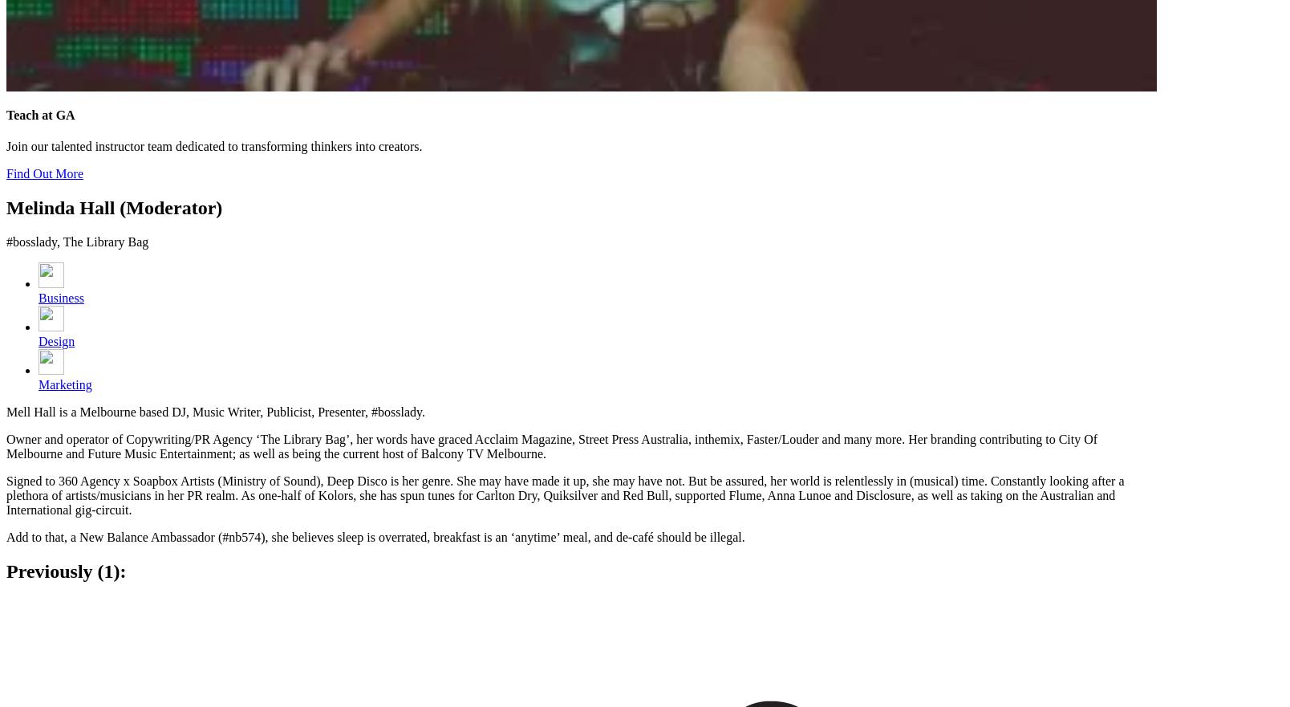 The width and height of the screenshot is (1290, 707). I want to click on 'Business', so click(61, 297).